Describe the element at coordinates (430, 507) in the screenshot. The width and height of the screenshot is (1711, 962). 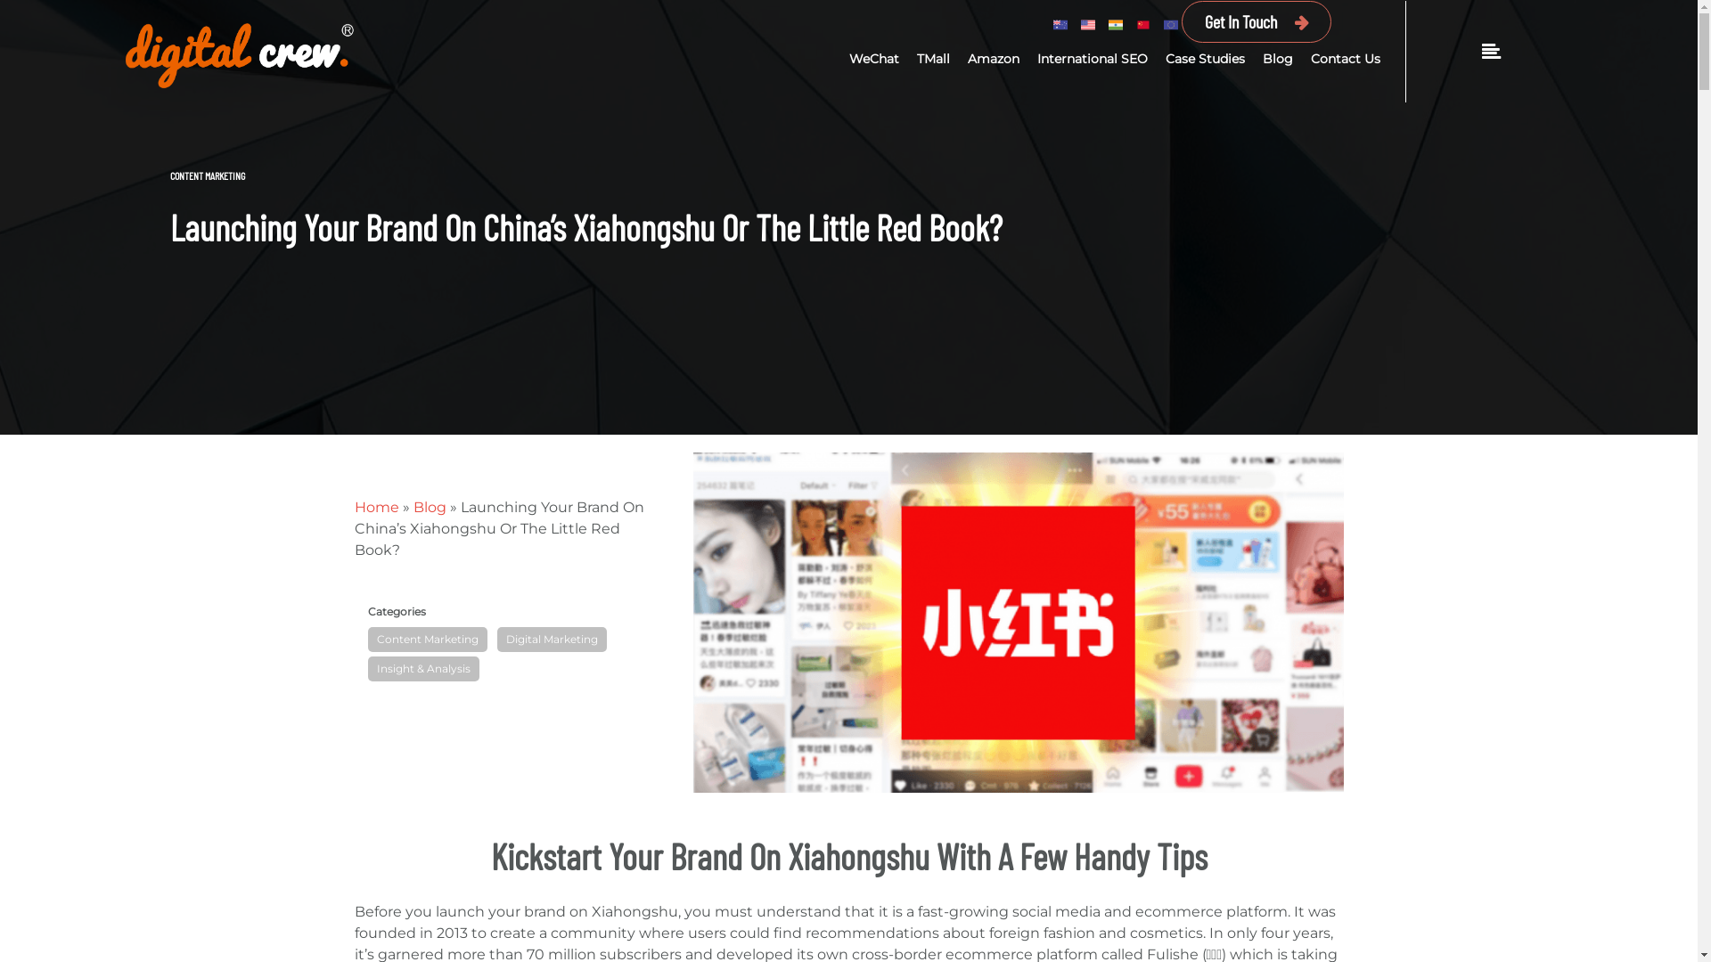
I see `'Blog'` at that location.